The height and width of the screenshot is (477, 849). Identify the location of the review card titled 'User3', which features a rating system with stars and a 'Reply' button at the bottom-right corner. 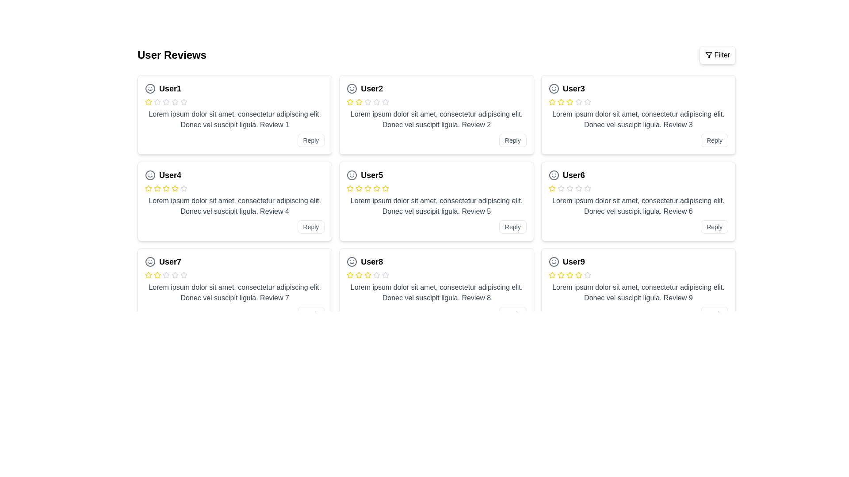
(638, 114).